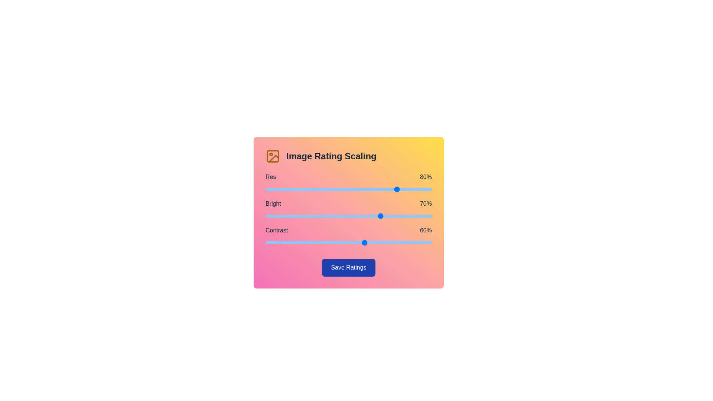 The width and height of the screenshot is (713, 401). What do you see at coordinates (423, 243) in the screenshot?
I see `the contrast` at bounding box center [423, 243].